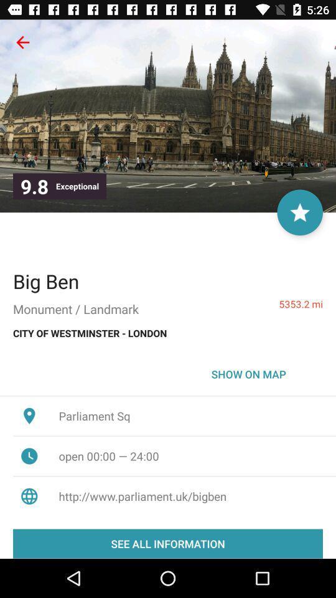  Describe the element at coordinates (299, 212) in the screenshot. I see `to favourite` at that location.